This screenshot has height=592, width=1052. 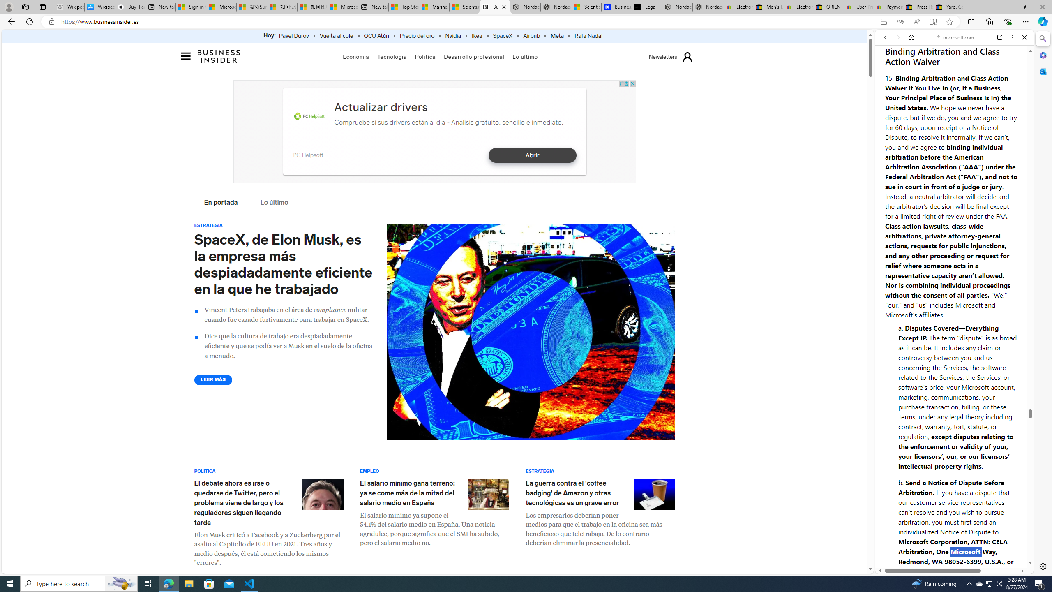 I want to click on 'Logo BusinessInsider.es', so click(x=219, y=58).